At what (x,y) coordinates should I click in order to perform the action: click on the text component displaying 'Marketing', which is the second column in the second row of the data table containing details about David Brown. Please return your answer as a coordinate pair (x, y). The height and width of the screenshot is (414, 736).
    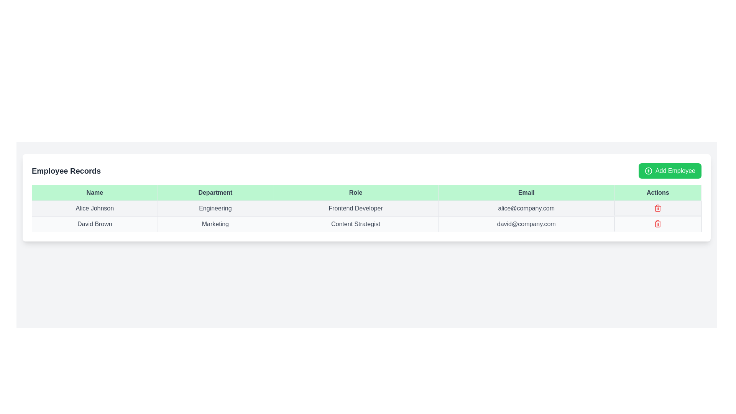
    Looking at the image, I should click on (215, 224).